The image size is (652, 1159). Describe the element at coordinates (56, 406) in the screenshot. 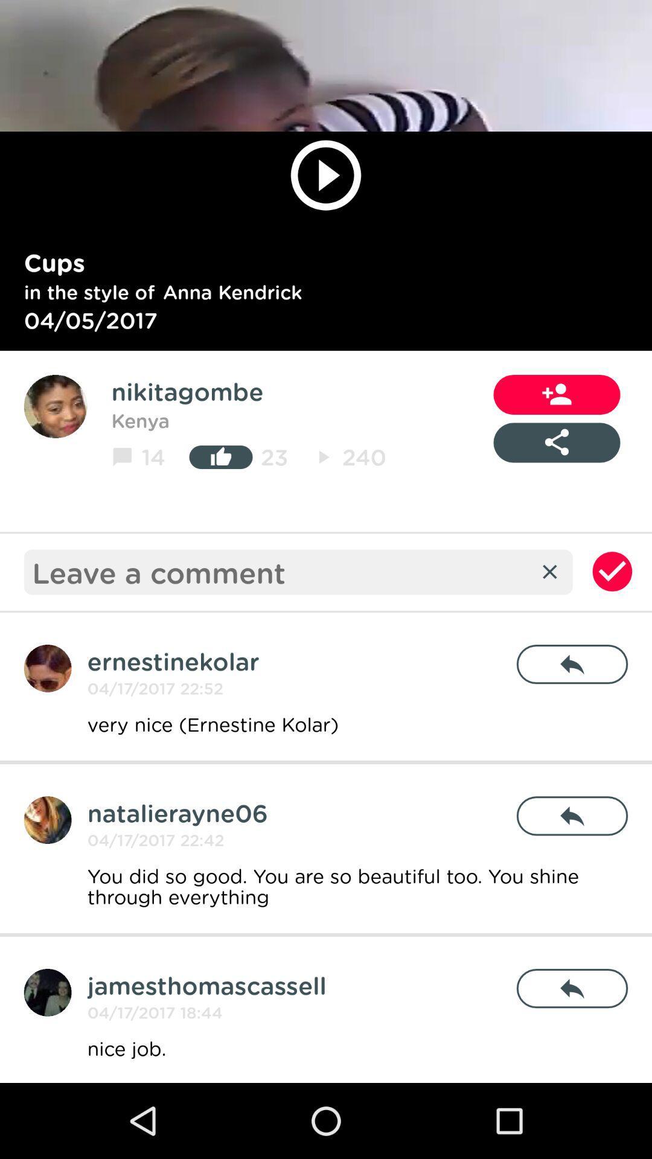

I see `user profile` at that location.